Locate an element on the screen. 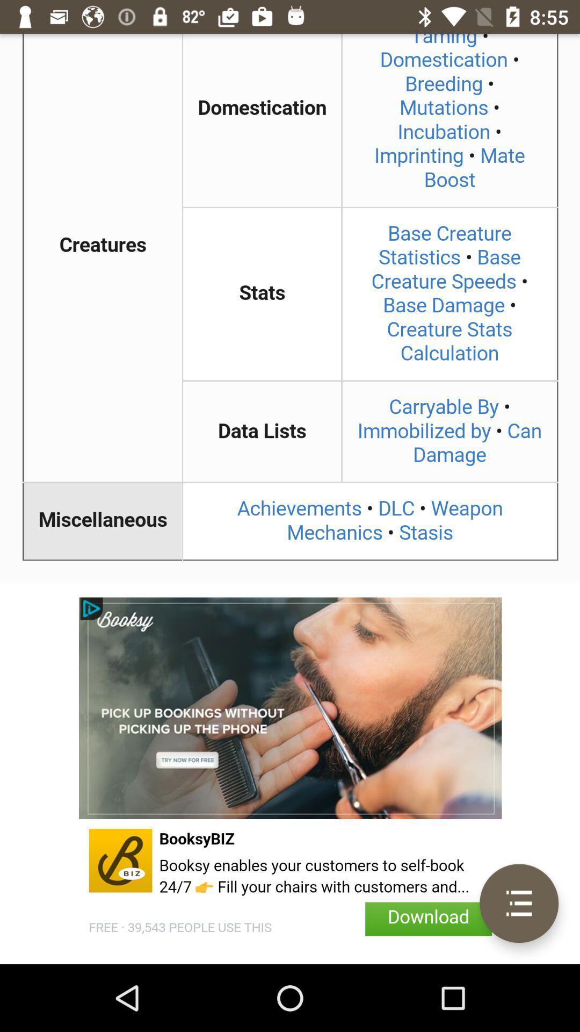 This screenshot has width=580, height=1032. information breakdown is located at coordinates (290, 308).